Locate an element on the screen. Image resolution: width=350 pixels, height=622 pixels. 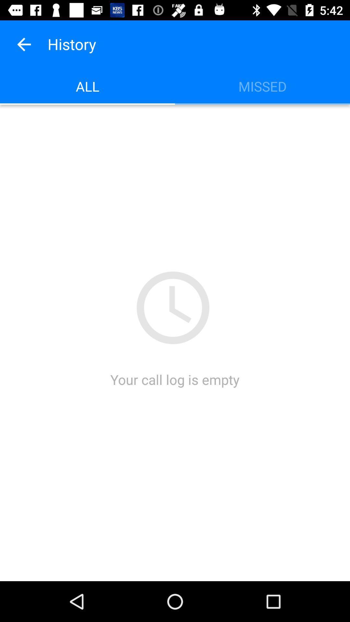
icon to the right of all icon is located at coordinates (262, 86).